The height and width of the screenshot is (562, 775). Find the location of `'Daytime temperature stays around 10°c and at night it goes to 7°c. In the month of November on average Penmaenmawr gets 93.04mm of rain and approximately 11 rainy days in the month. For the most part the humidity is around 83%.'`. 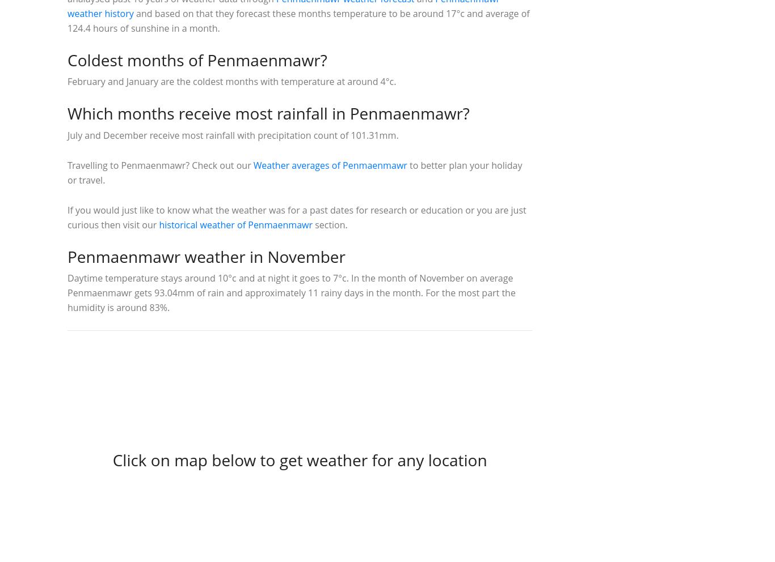

'Daytime temperature stays around 10°c and at night it goes to 7°c. In the month of November on average Penmaenmawr gets 93.04mm of rain and approximately 11 rainy days in the month. For the most part the humidity is around 83%.' is located at coordinates (291, 292).